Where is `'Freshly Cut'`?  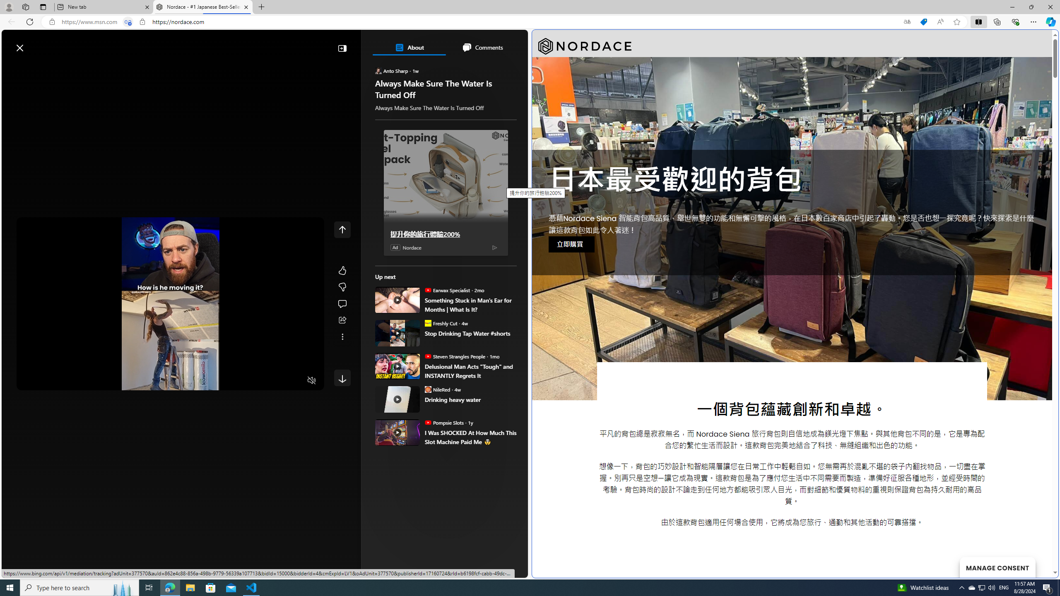
'Freshly Cut' is located at coordinates (427, 323).